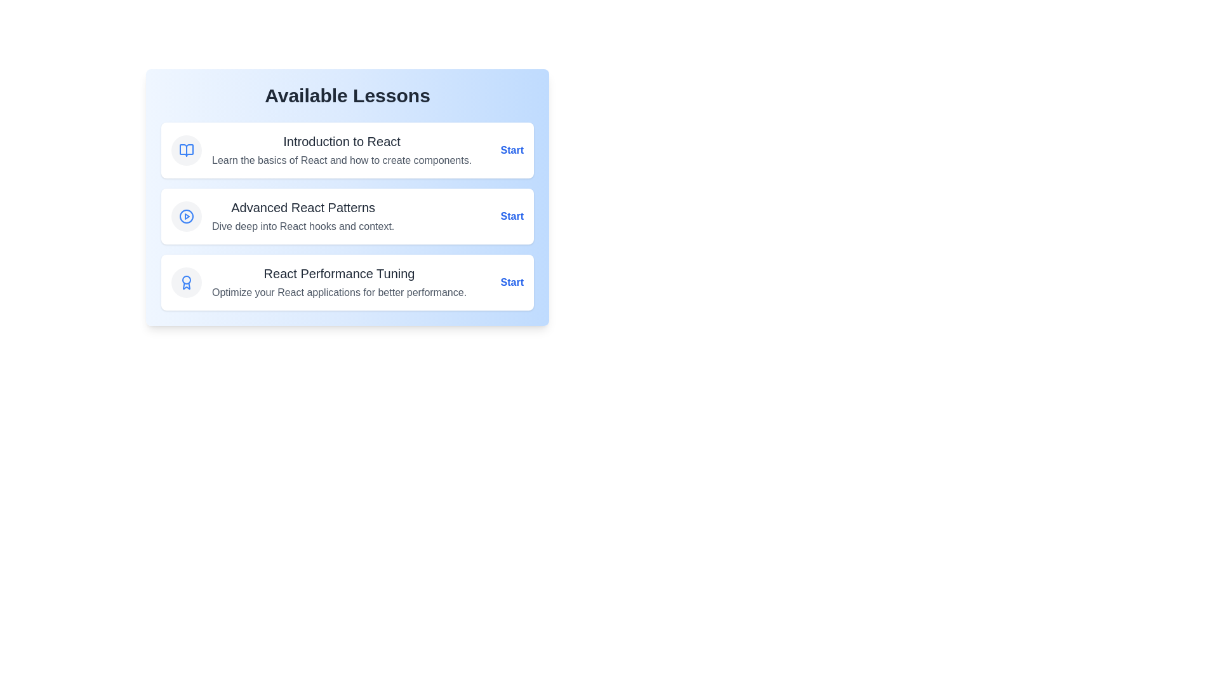  Describe the element at coordinates (512, 281) in the screenshot. I see `the 'Start' link for the lesson titled React Performance Tuning` at that location.